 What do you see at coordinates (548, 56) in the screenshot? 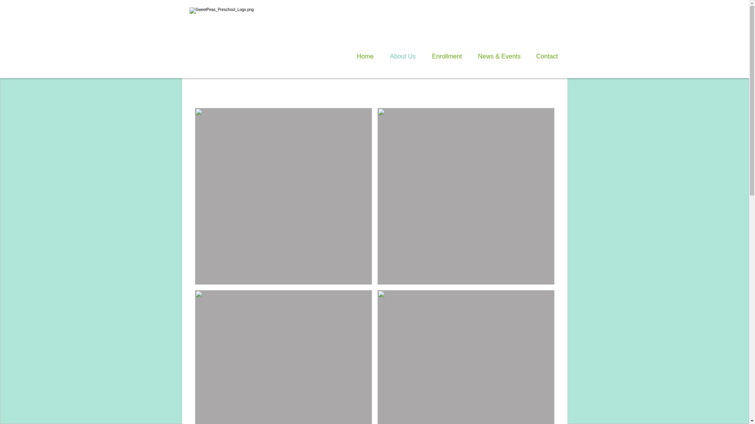
I see `'Contact'` at bounding box center [548, 56].